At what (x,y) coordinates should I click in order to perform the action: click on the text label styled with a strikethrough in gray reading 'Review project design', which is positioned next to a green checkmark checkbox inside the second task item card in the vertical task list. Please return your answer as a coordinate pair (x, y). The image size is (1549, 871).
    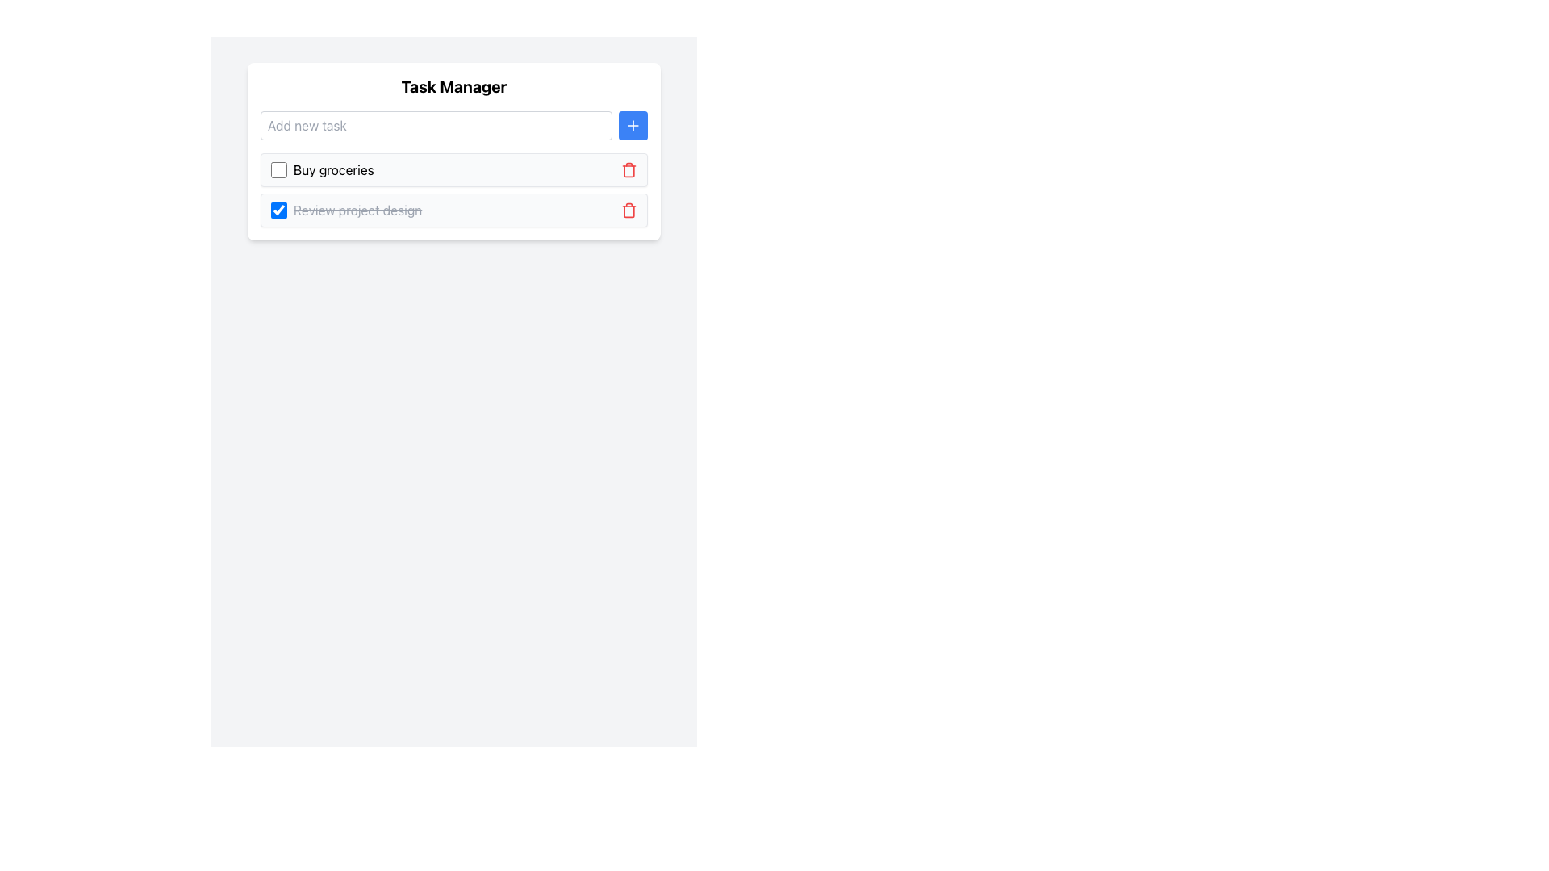
    Looking at the image, I should click on (345, 210).